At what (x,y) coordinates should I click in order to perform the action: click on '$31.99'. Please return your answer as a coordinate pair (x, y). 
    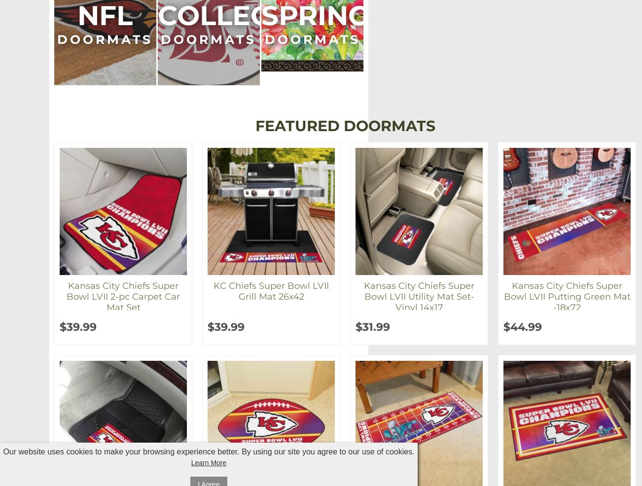
    Looking at the image, I should click on (372, 326).